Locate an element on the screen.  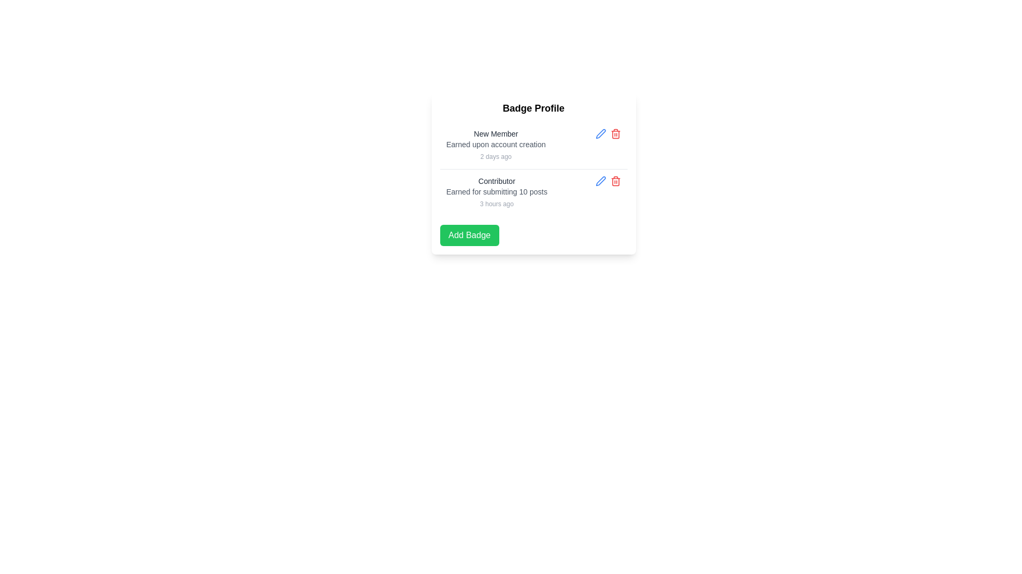
the text label that serves as the title for the 'New Member' badge within its information block in the 'Badge Profile' card is located at coordinates (495, 133).